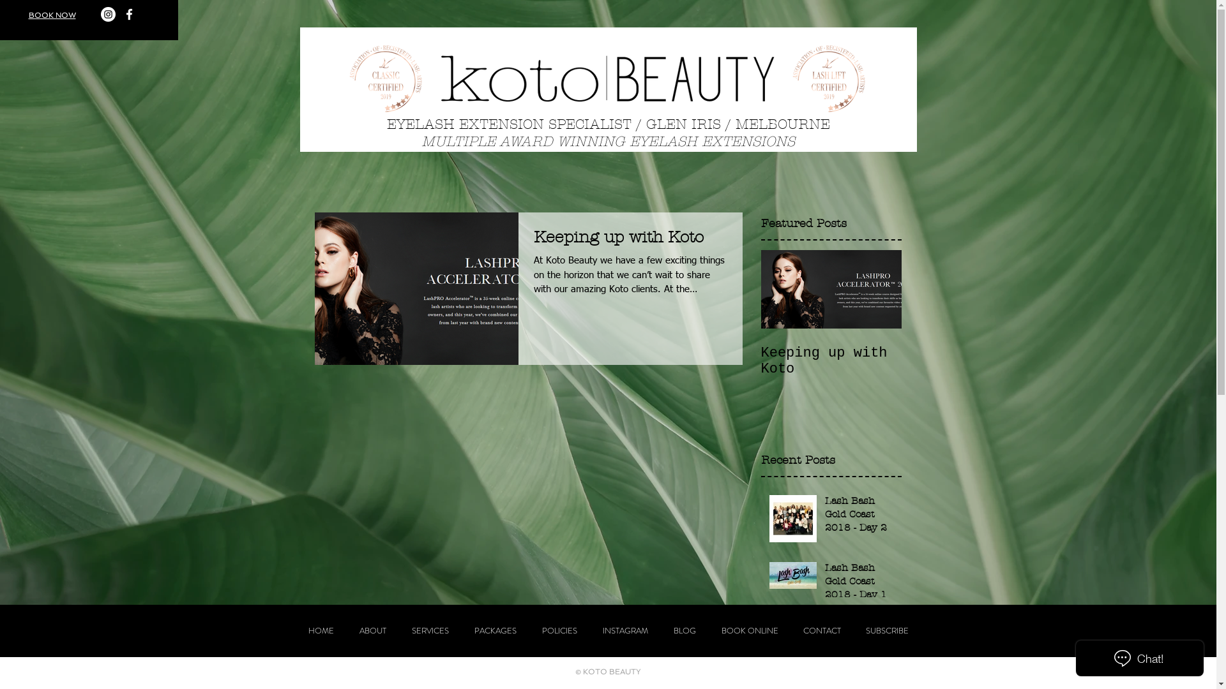 The width and height of the screenshot is (1226, 689). I want to click on 'HOME', so click(321, 630).